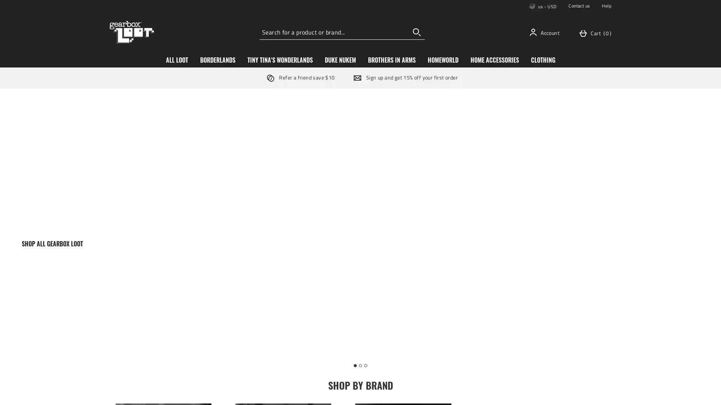 This screenshot has width=721, height=405. Describe the element at coordinates (475, 122) in the screenshot. I see `Close` at that location.